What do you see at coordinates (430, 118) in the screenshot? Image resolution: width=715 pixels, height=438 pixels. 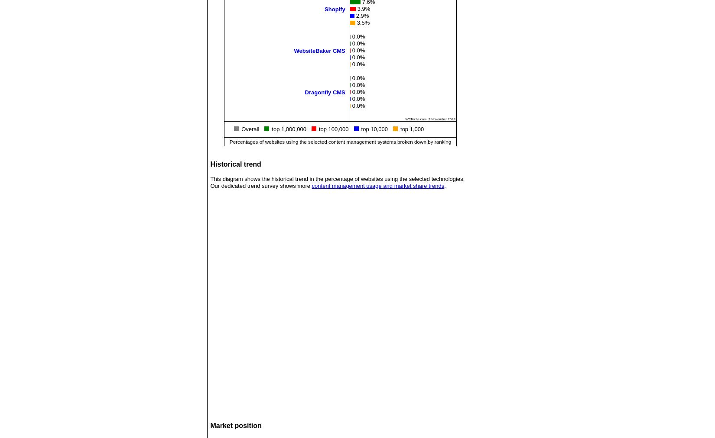 I see `'W3Techs.com, 2 November 2023'` at bounding box center [430, 118].